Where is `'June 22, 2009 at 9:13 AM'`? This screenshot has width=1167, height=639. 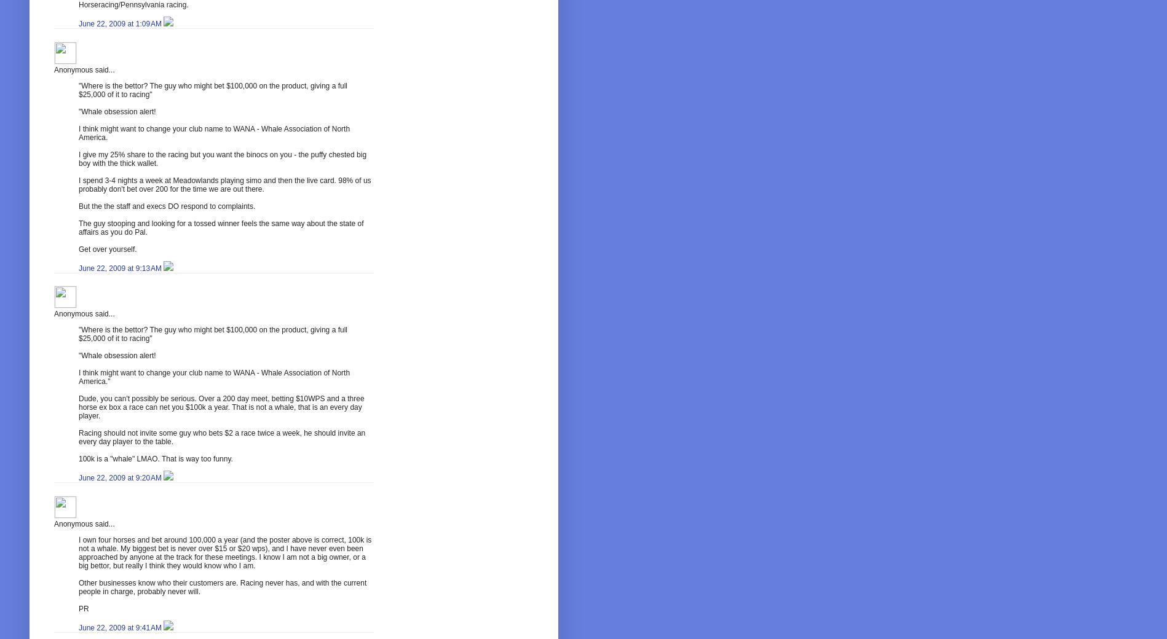 'June 22, 2009 at 9:13 AM' is located at coordinates (121, 267).